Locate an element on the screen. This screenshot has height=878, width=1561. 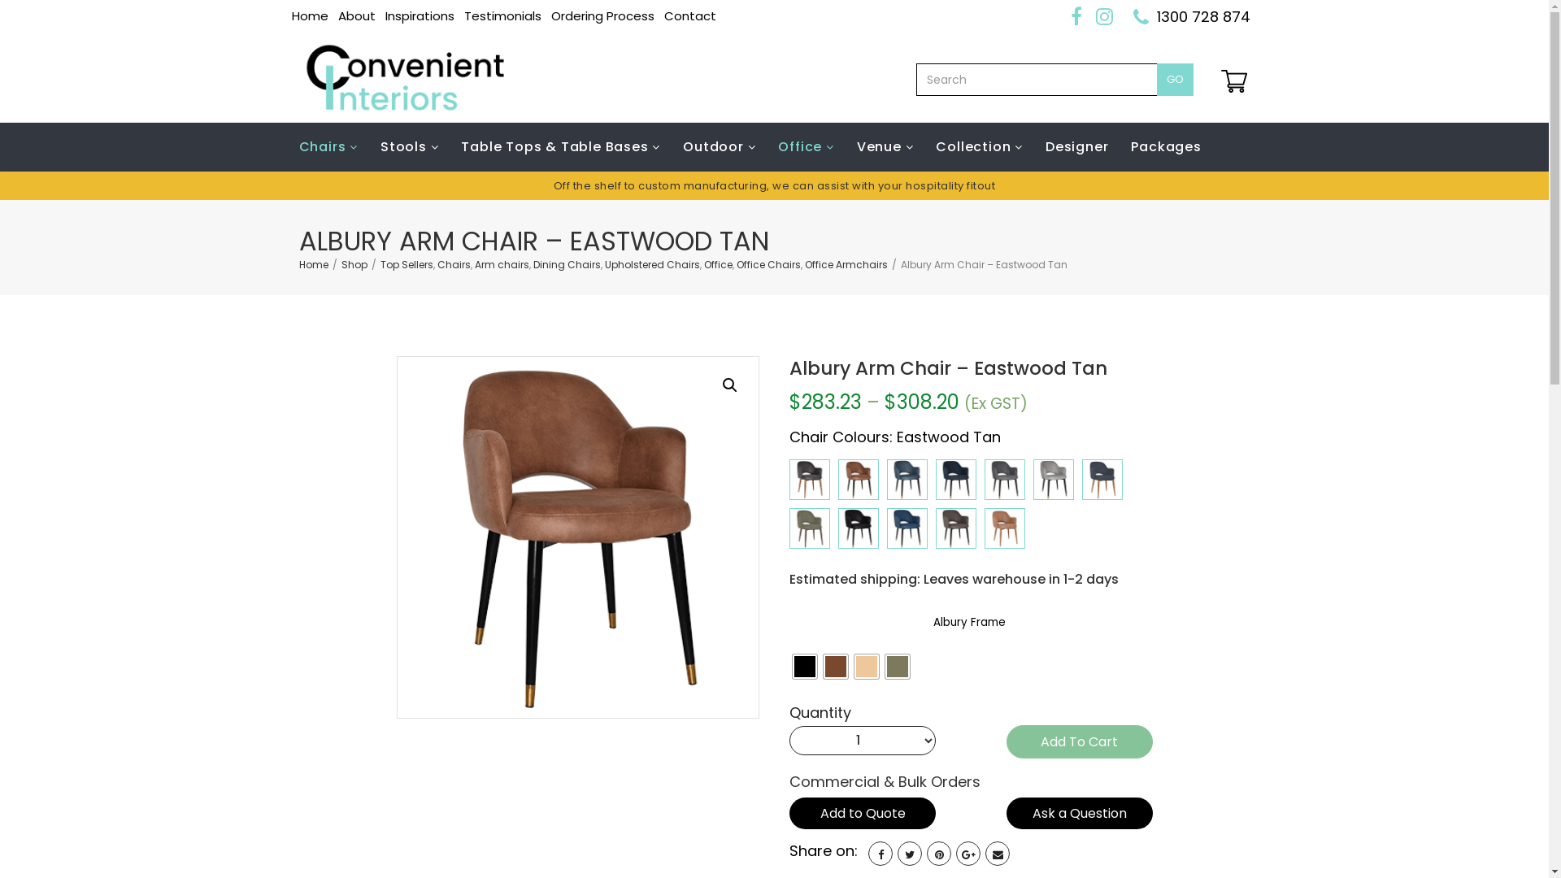
'Office Chairs' is located at coordinates (736, 263).